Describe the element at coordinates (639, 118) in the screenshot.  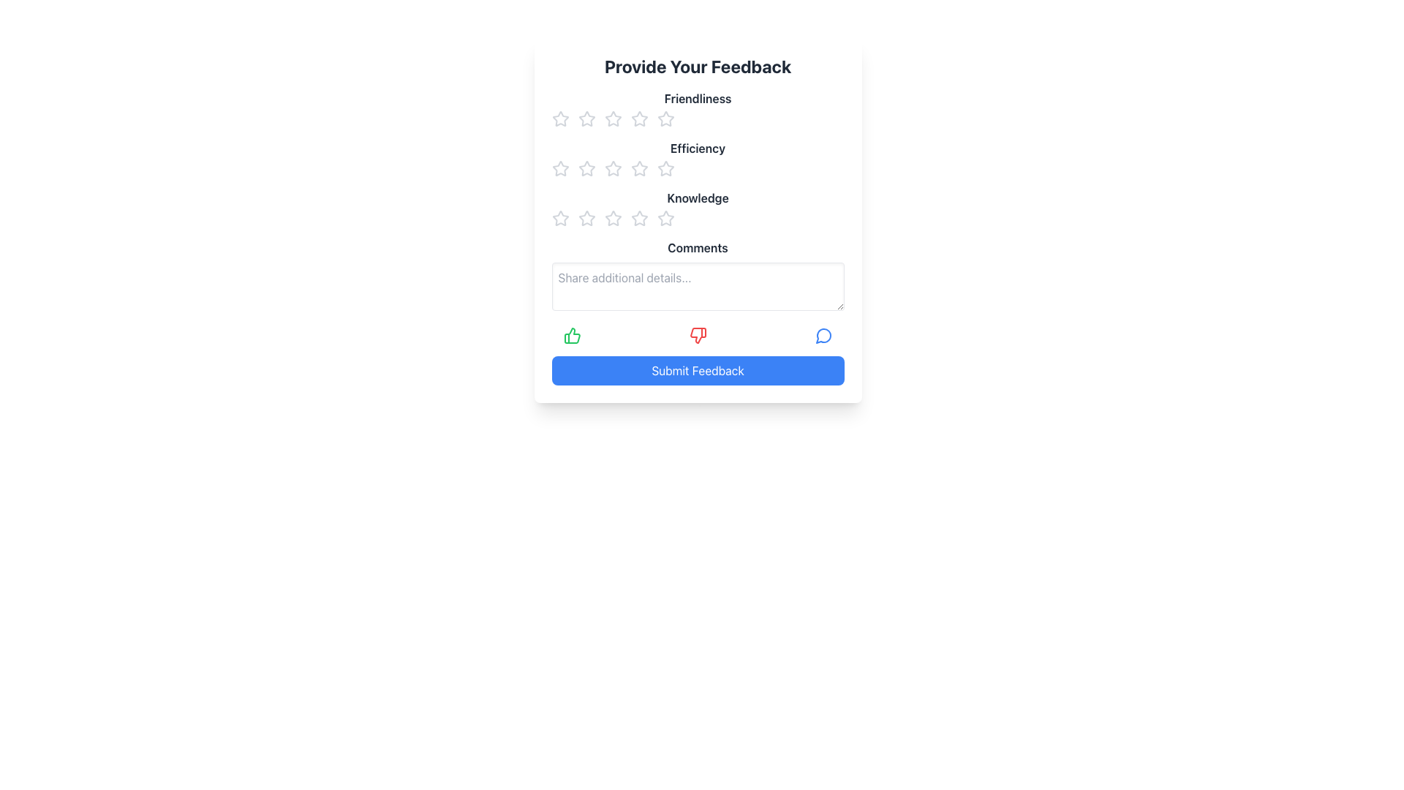
I see `the fourth star-shaped icon with a gray border and hollow center under the 'Friendliness' section to rate it` at that location.